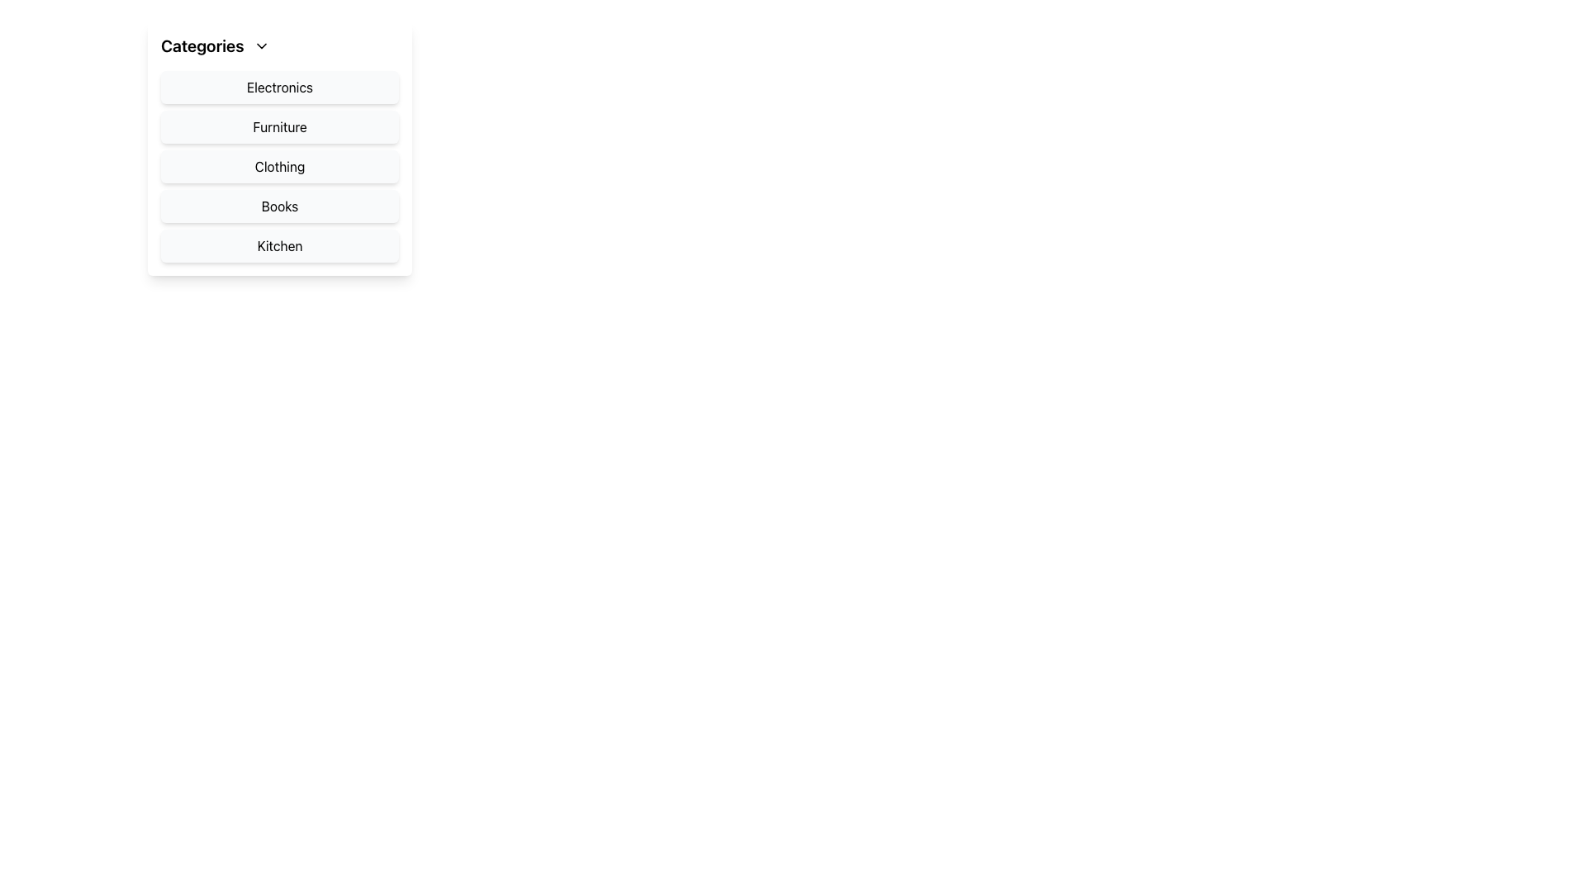 This screenshot has width=1586, height=892. Describe the element at coordinates (280, 245) in the screenshot. I see `the 'Kitchen' button, which is the fifth button in a vertical stack under the 'Categories' section` at that location.